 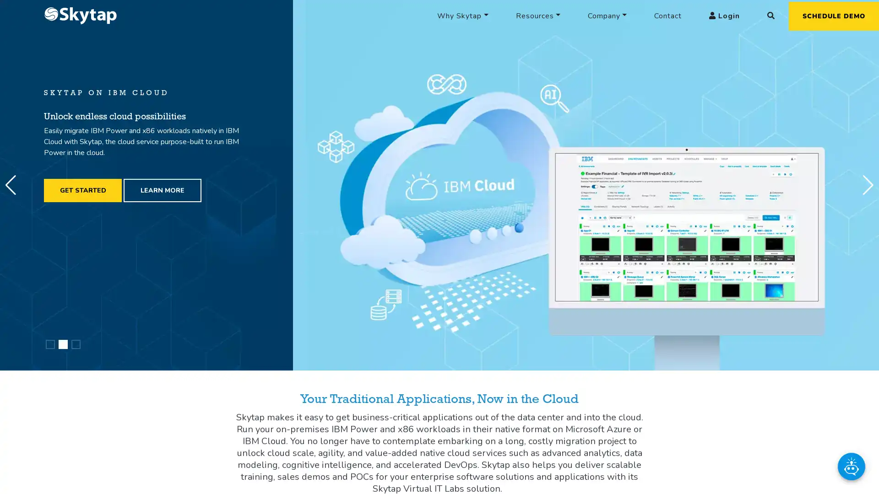 What do you see at coordinates (63, 344) in the screenshot?
I see `Go to slide 2` at bounding box center [63, 344].